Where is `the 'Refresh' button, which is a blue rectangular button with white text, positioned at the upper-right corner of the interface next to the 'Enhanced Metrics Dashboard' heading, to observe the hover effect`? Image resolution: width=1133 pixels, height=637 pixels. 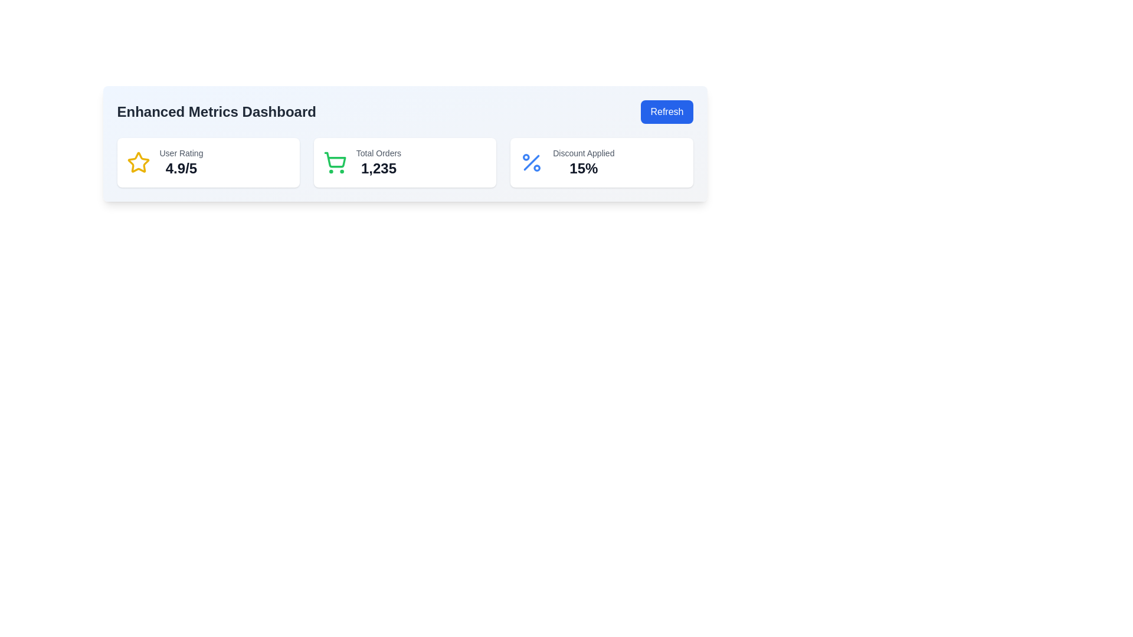
the 'Refresh' button, which is a blue rectangular button with white text, positioned at the upper-right corner of the interface next to the 'Enhanced Metrics Dashboard' heading, to observe the hover effect is located at coordinates (667, 111).